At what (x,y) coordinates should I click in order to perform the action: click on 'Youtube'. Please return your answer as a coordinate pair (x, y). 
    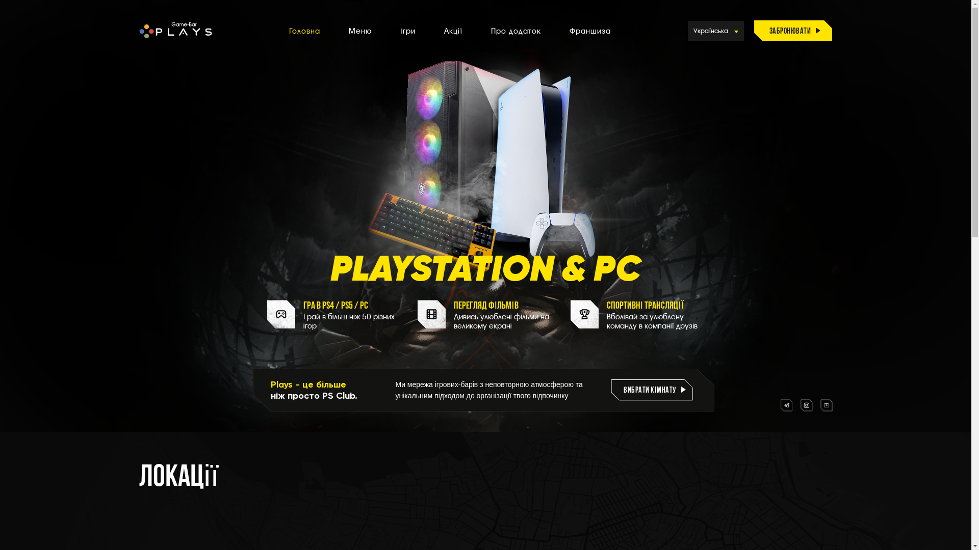
    Looking at the image, I should click on (826, 404).